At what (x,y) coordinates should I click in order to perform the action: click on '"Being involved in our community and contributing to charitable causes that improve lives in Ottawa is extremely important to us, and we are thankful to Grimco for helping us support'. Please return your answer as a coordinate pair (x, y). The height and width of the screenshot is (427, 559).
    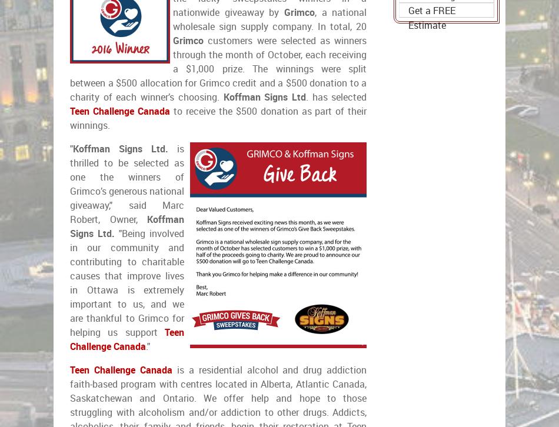
    Looking at the image, I should click on (127, 283).